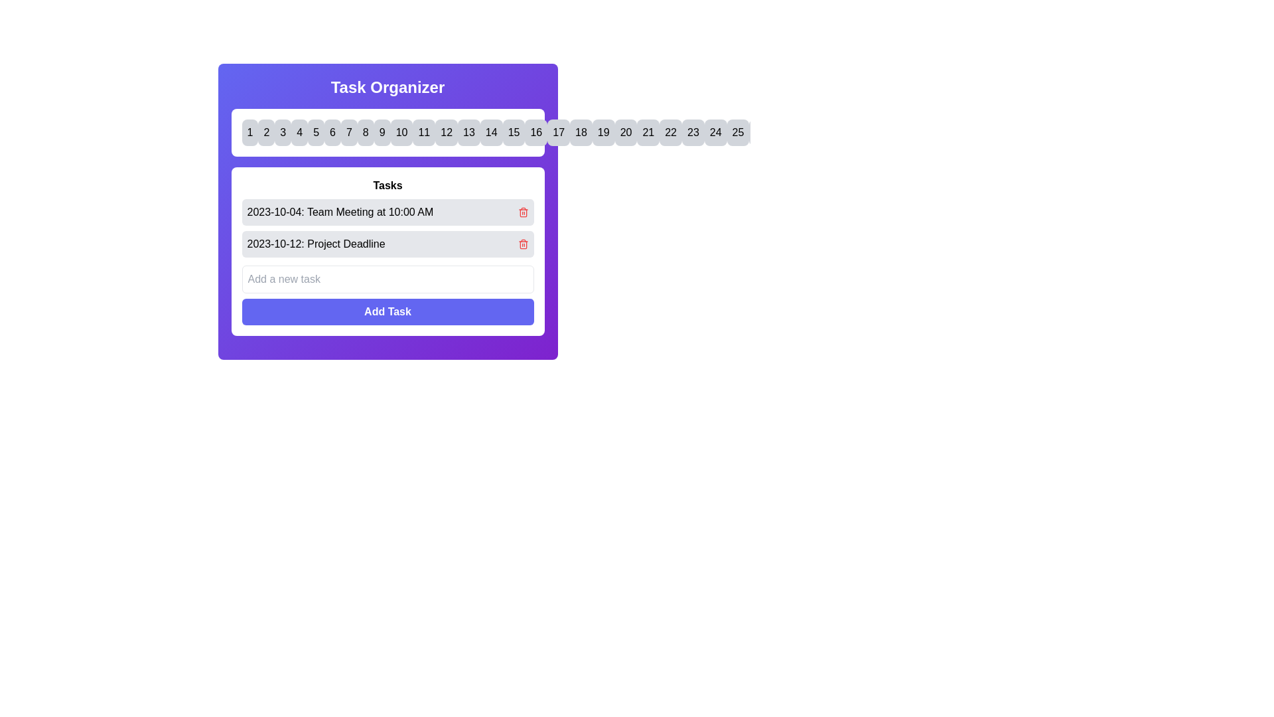 This screenshot has height=717, width=1274. I want to click on the button displaying the number '12' in black text, which is surrounded by a light gray, rounded rectangle, so click(447, 133).